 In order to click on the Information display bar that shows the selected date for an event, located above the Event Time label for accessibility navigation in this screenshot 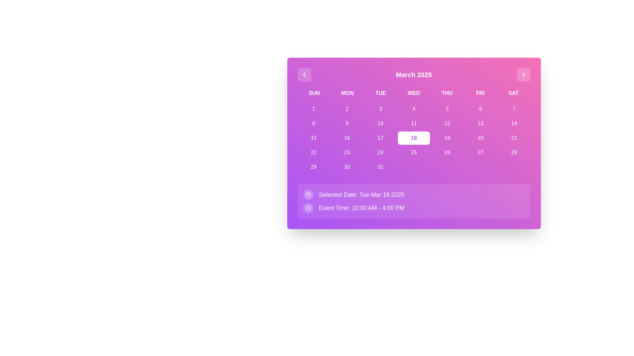, I will do `click(413, 194)`.